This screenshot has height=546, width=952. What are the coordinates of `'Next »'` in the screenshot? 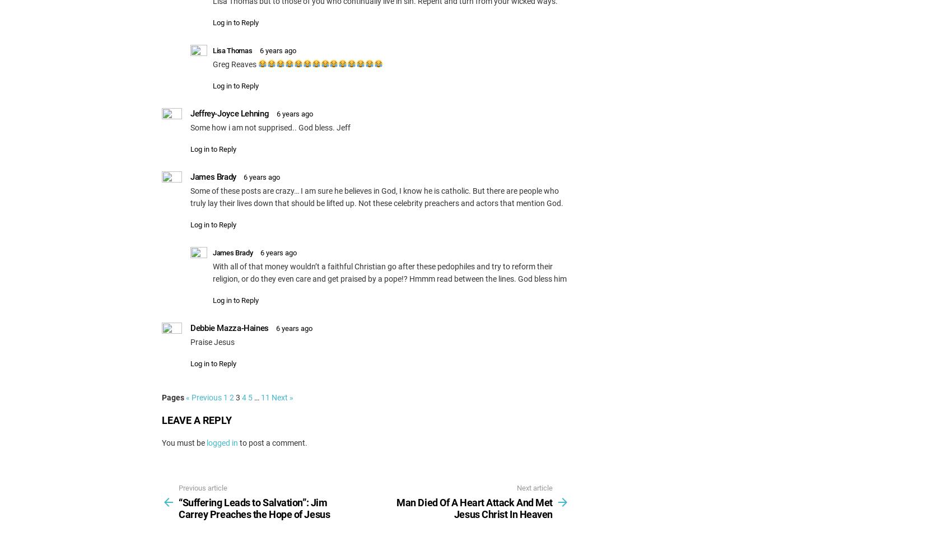 It's located at (282, 396).